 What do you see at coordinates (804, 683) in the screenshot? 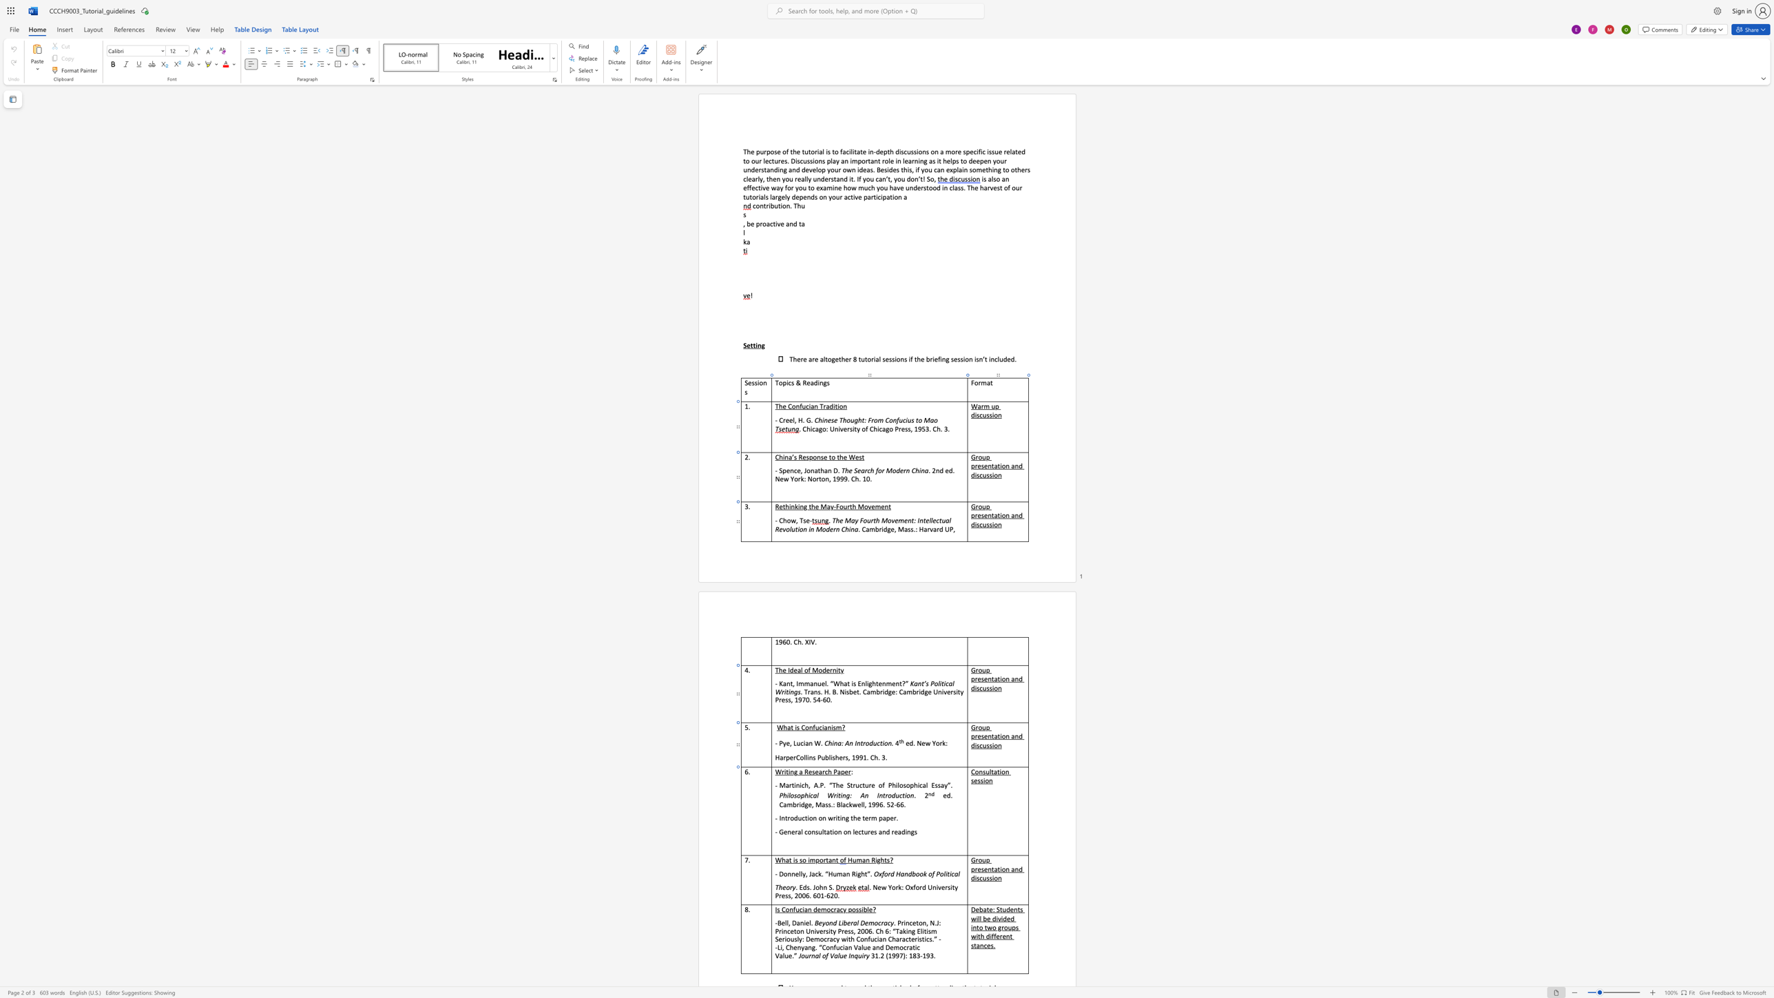
I see `the space between the continuous character "m" and "m" in the text` at bounding box center [804, 683].